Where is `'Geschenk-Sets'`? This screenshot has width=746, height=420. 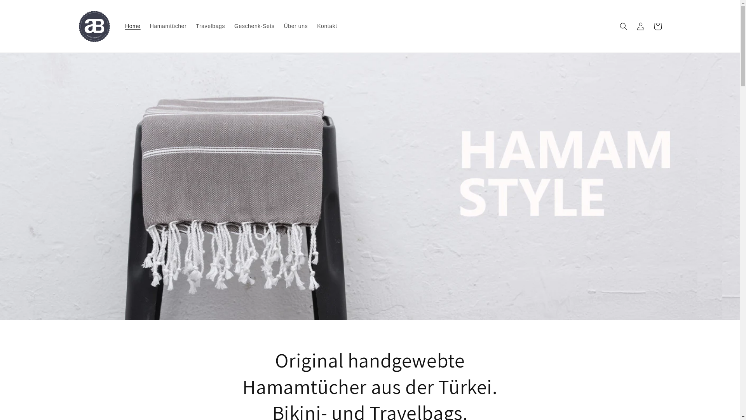 'Geschenk-Sets' is located at coordinates (254, 25).